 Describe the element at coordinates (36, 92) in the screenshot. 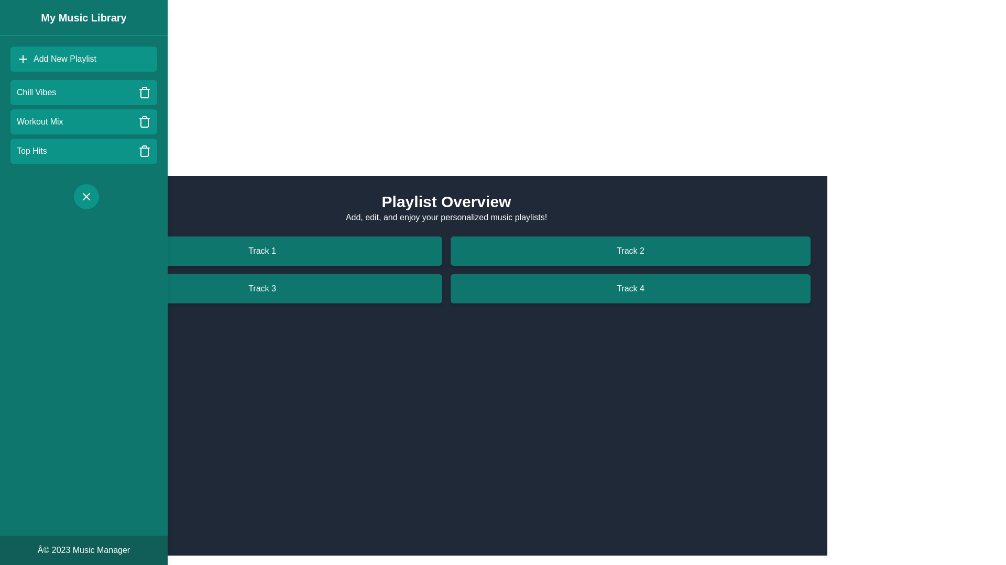

I see `the text label displaying 'Chill Vibes', which is styled in white on a teal background, located in the left sidebar of 'My Music Library', positioned second from the top among playlist items` at that location.